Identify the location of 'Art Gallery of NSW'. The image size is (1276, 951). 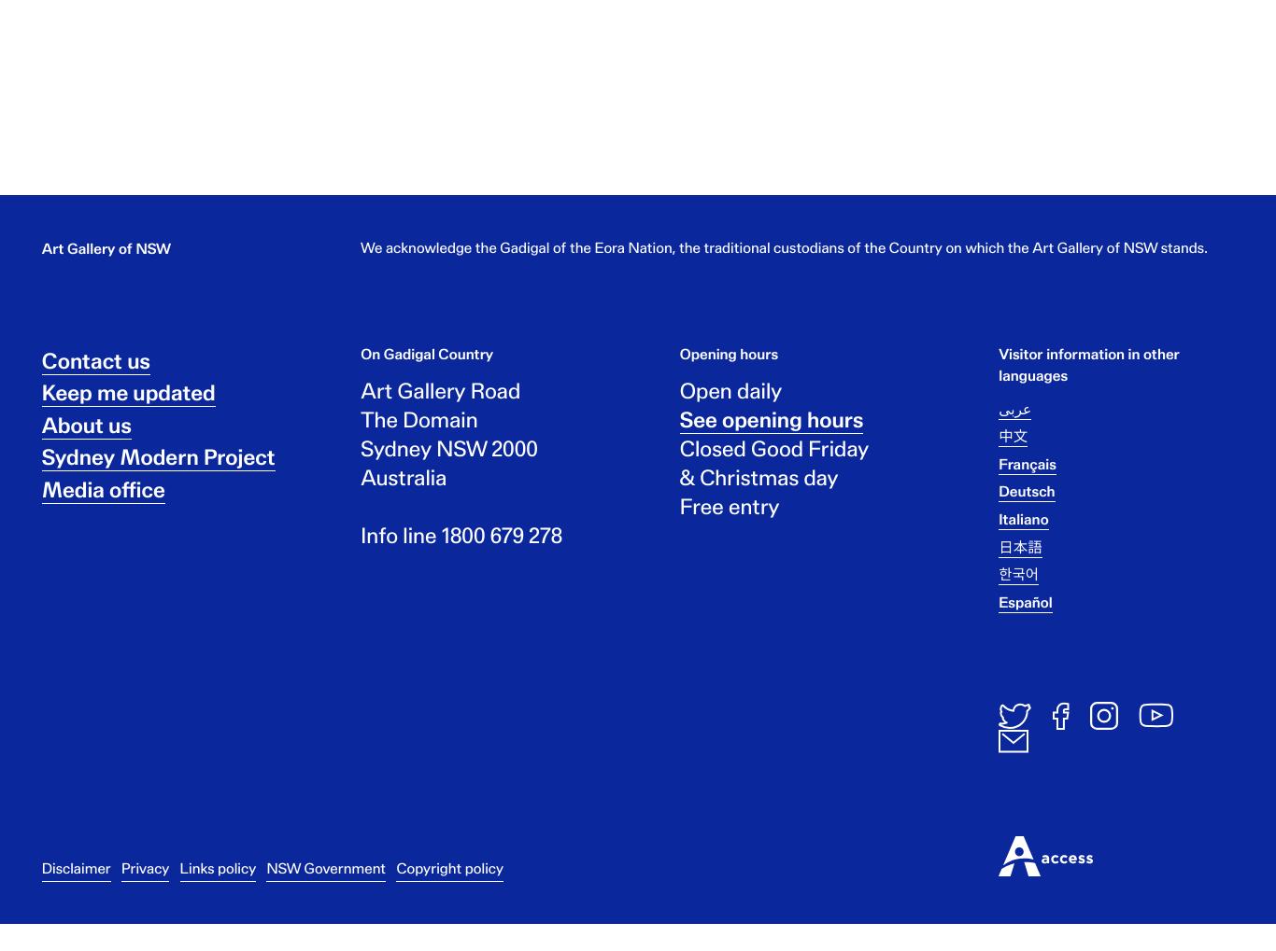
(105, 263).